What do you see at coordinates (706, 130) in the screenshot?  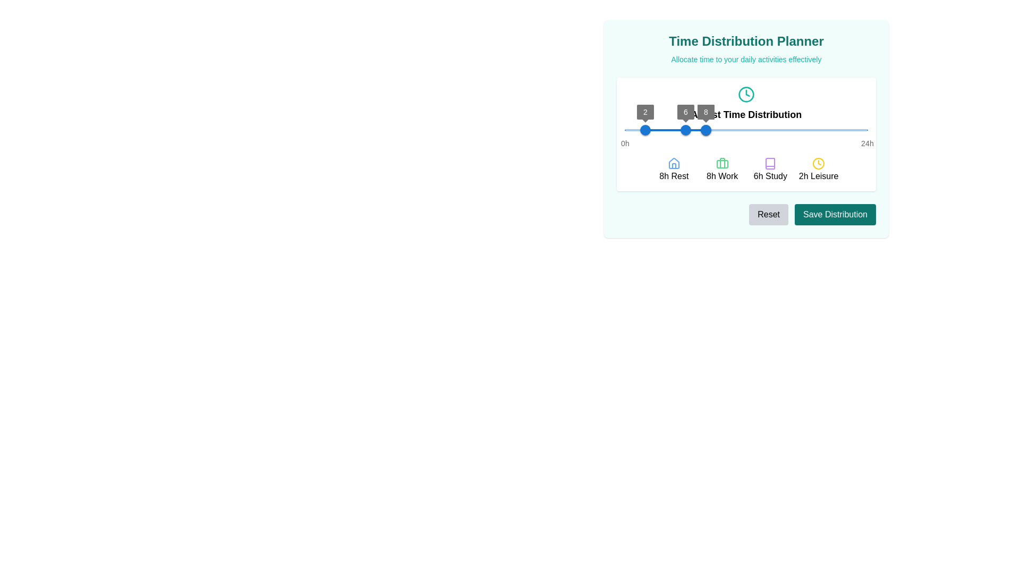 I see `the blue circular thumb of the slider representing '8', which is the third thumb from the left` at bounding box center [706, 130].